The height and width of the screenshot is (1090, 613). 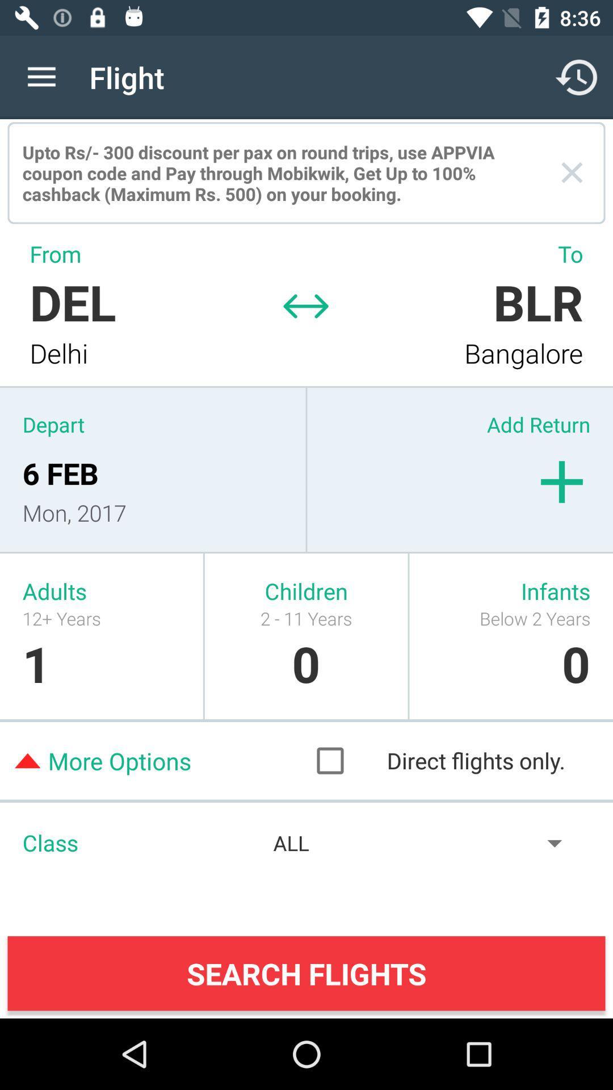 I want to click on the add icon, so click(x=562, y=482).